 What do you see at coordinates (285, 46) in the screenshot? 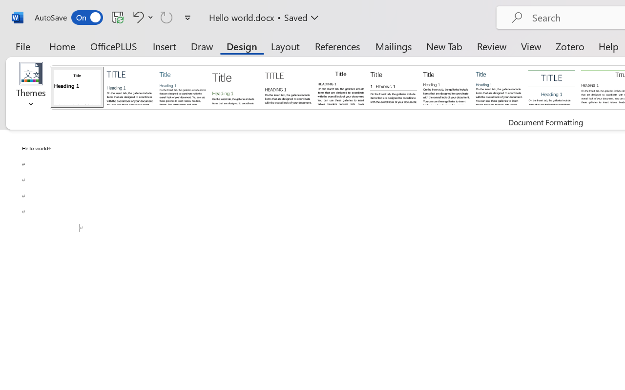
I see `'Layout'` at bounding box center [285, 46].